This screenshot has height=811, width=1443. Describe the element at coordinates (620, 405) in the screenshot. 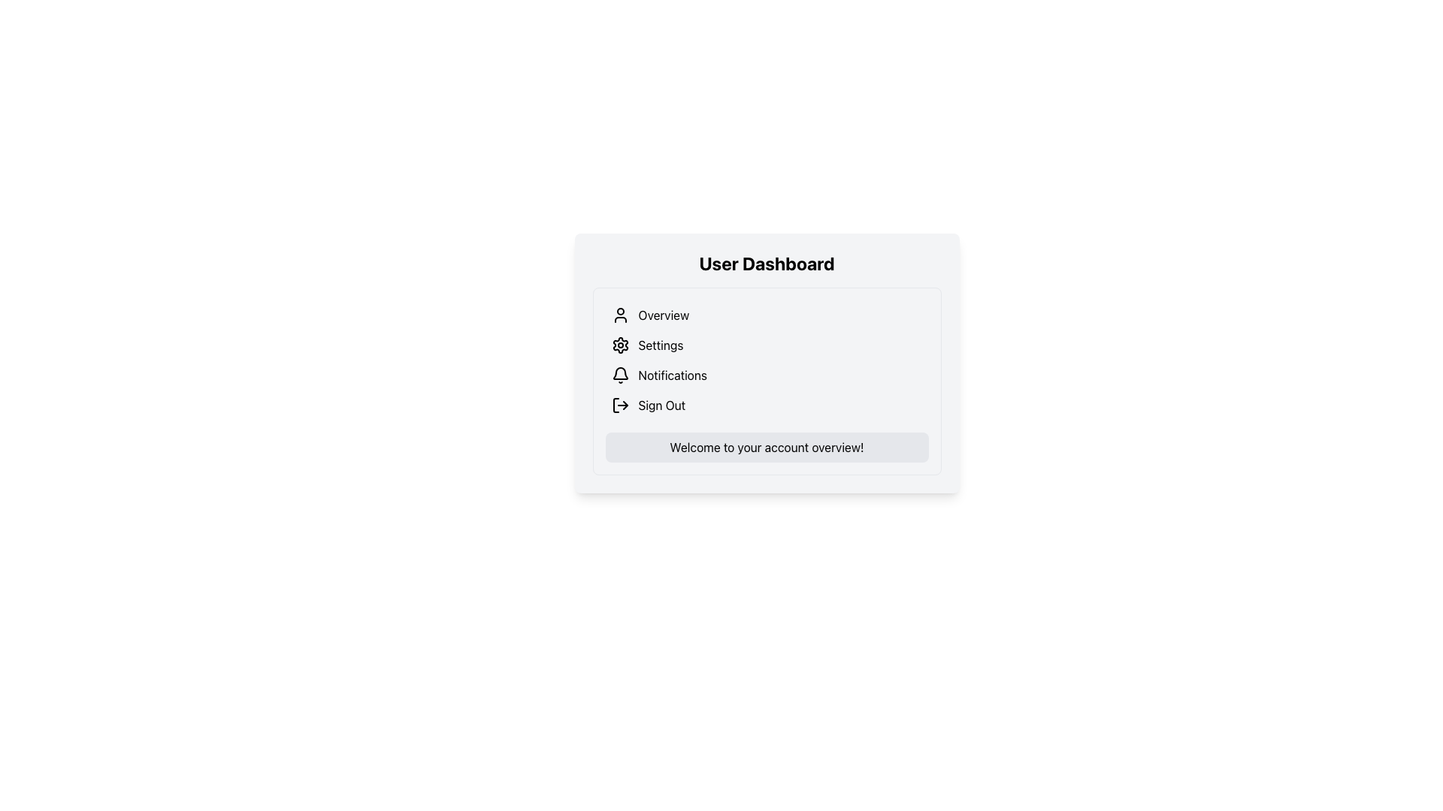

I see `the right-pointing arrow SVG icon located to the left of the 'Sign Out' option in the 'User Dashboard' menu` at that location.